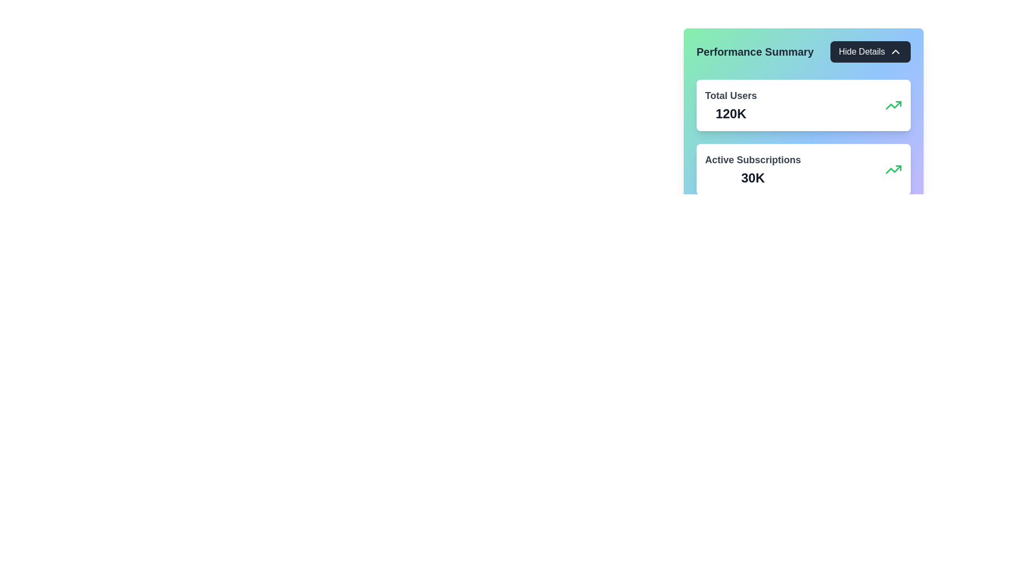 This screenshot has height=578, width=1028. What do you see at coordinates (752, 169) in the screenshot?
I see `the 'Active Subscriptions' text display, which shows the value '30K' in a larger bold font, located within a white card below the 'Total Users 120K' card` at bounding box center [752, 169].